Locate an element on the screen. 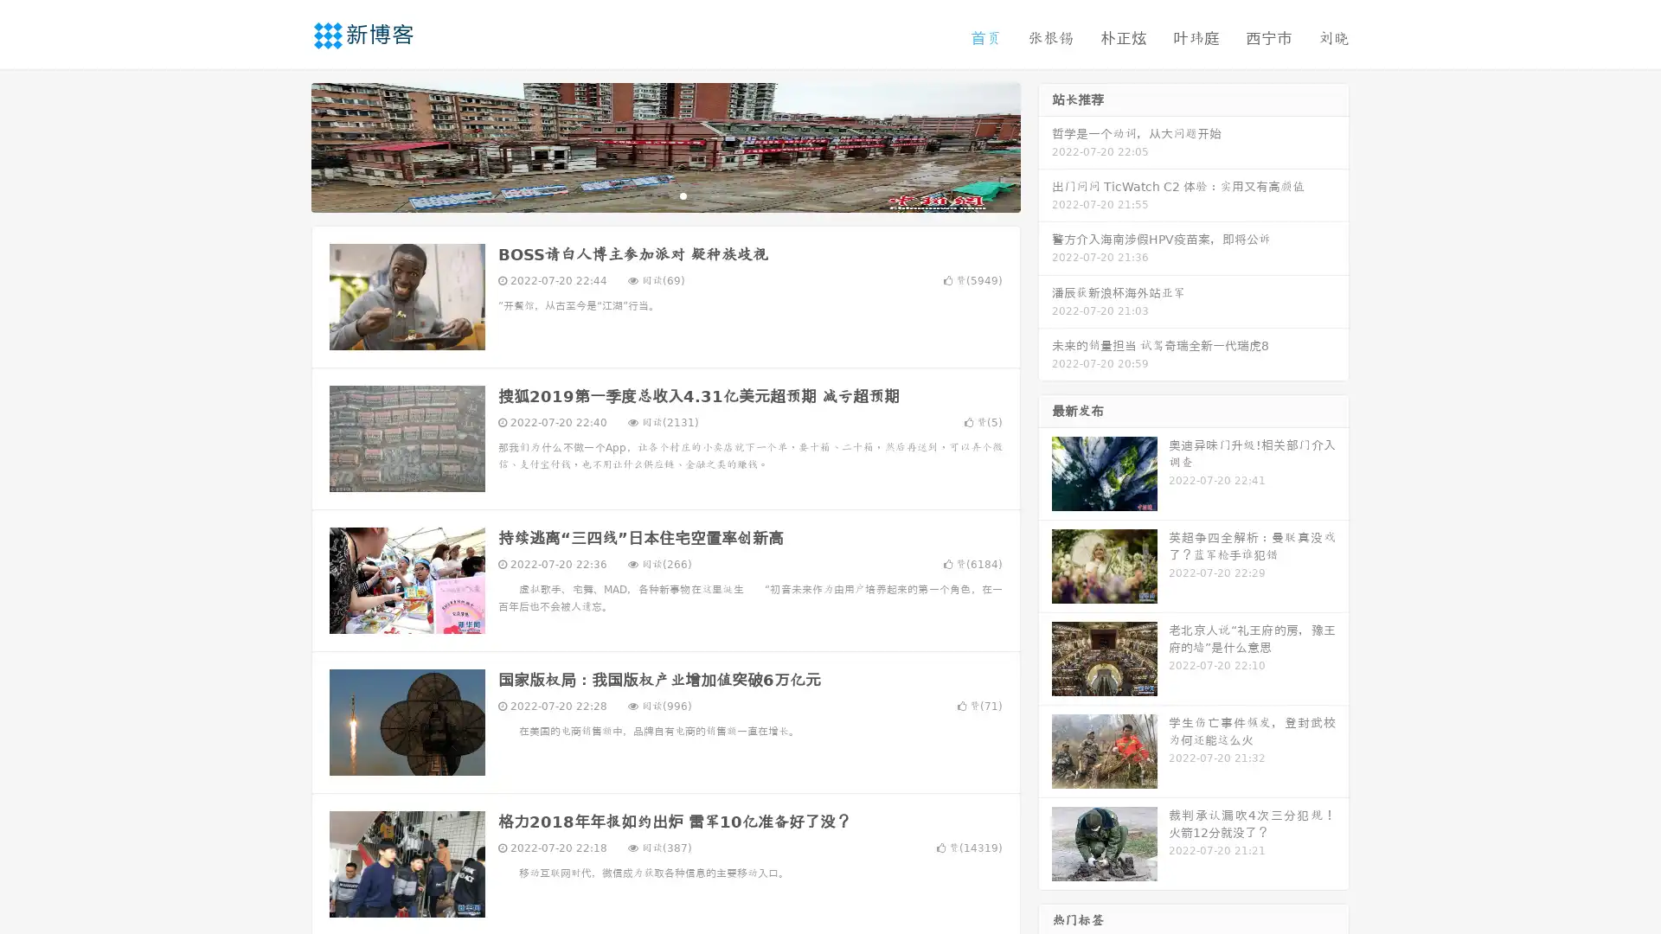  Previous slide is located at coordinates (285, 145).